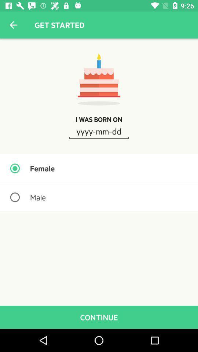 This screenshot has height=352, width=198. I want to click on item below the yyyy-mm-dd icon, so click(99, 168).